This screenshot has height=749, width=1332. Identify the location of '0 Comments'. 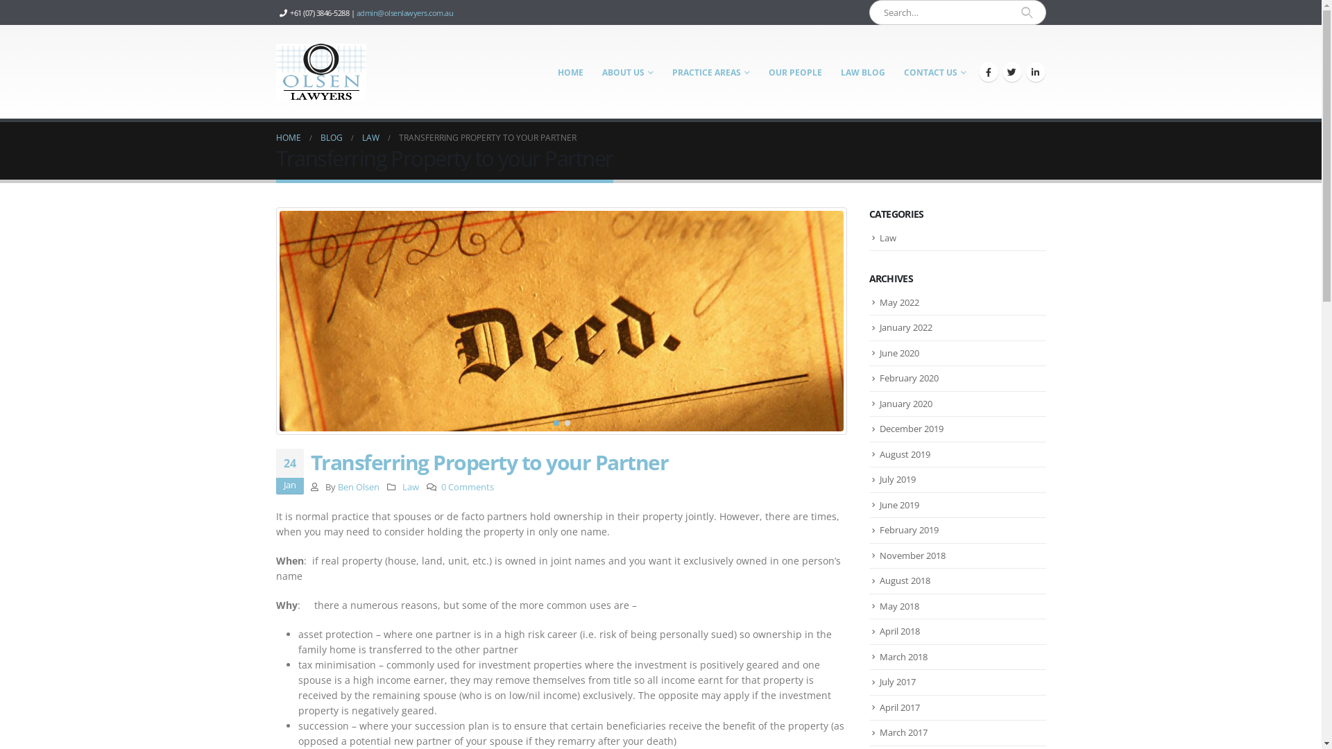
(467, 486).